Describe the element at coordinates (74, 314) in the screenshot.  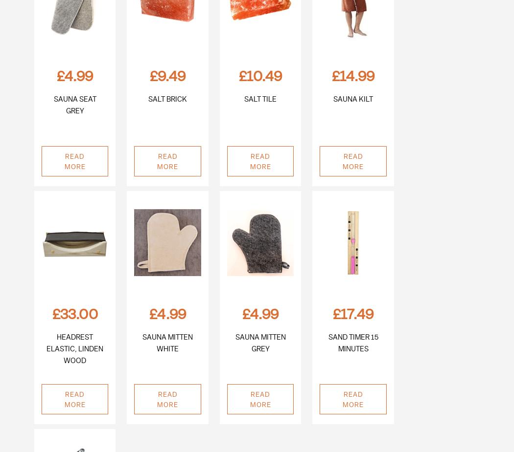
I see `'£33.00'` at that location.